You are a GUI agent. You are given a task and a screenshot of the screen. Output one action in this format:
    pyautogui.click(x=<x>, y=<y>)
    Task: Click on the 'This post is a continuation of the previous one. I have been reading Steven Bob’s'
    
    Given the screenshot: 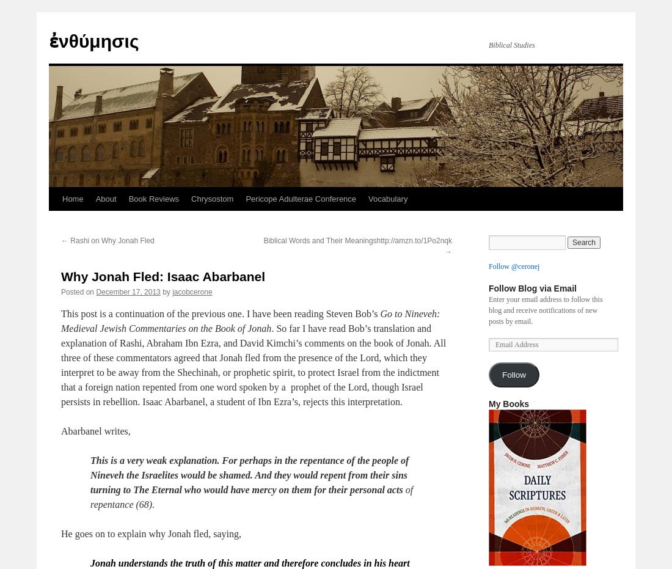 What is the action you would take?
    pyautogui.click(x=221, y=314)
    